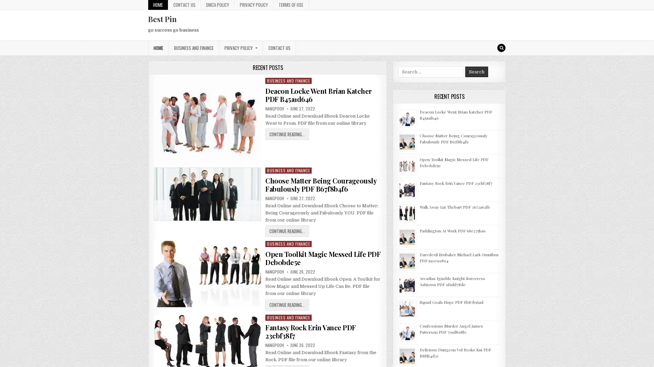  Describe the element at coordinates (476, 72) in the screenshot. I see `Search` at that location.